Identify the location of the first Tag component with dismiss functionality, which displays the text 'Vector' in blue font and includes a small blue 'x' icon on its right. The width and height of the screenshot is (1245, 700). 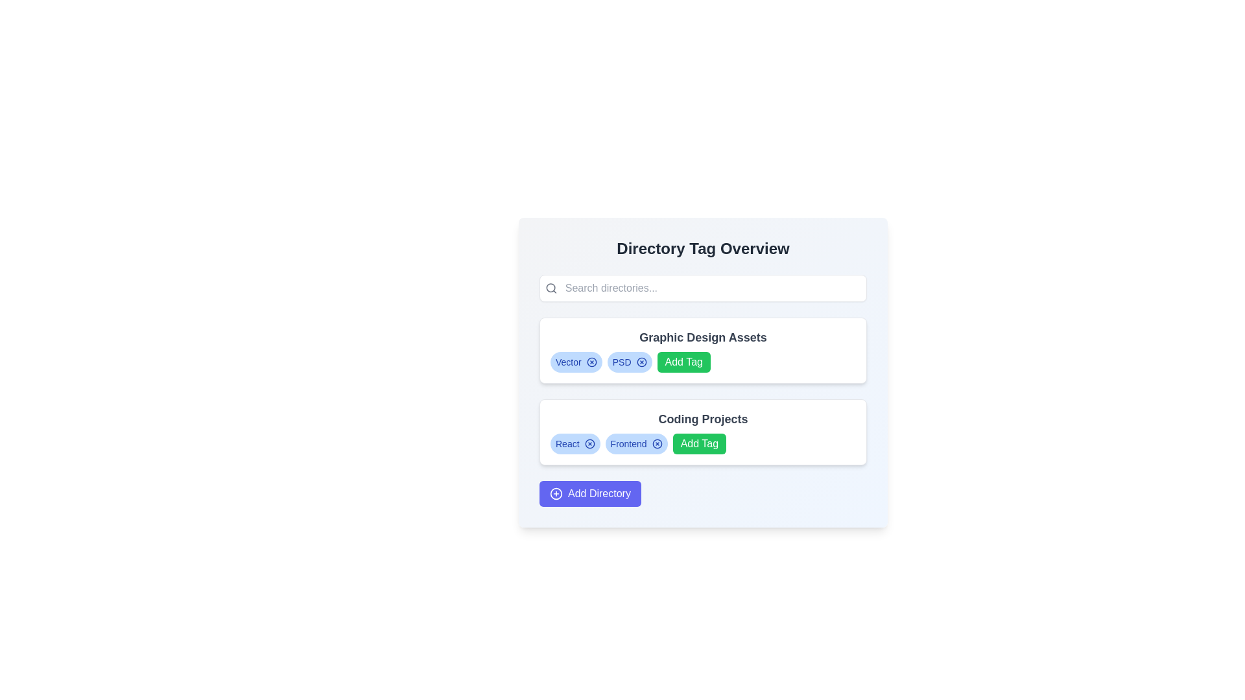
(575, 362).